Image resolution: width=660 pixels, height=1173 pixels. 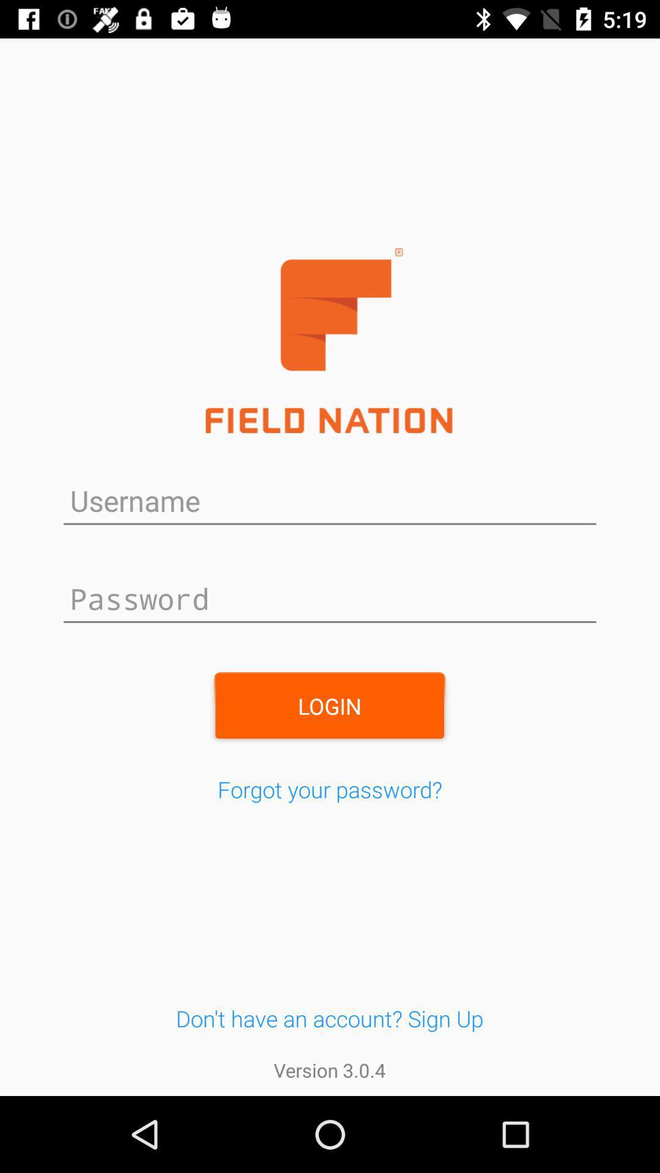 I want to click on don t have button, so click(x=329, y=1018).